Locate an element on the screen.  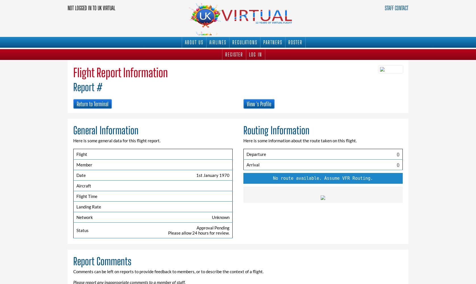
'Please allow 24 hours for review.' is located at coordinates (199, 233).